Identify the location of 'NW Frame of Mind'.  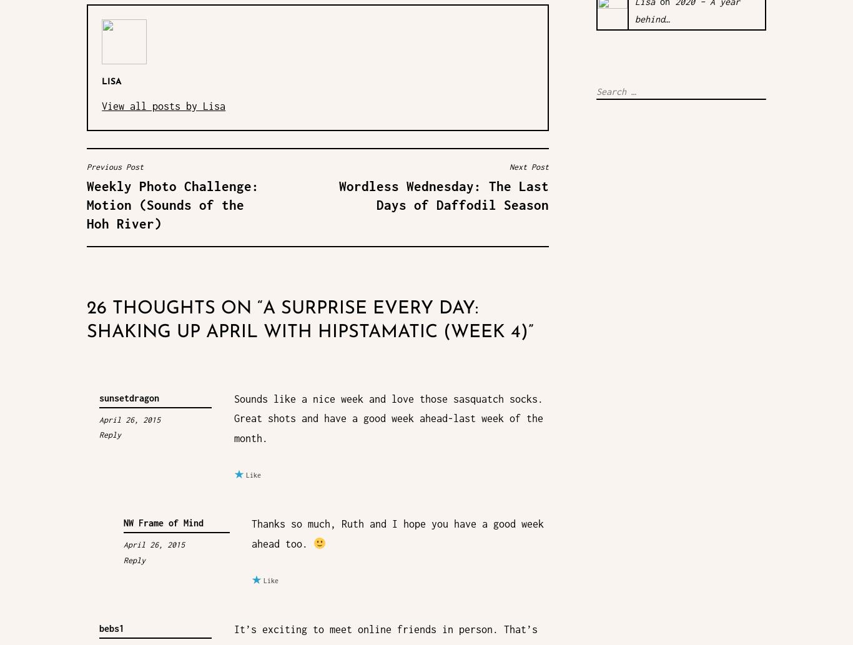
(163, 523).